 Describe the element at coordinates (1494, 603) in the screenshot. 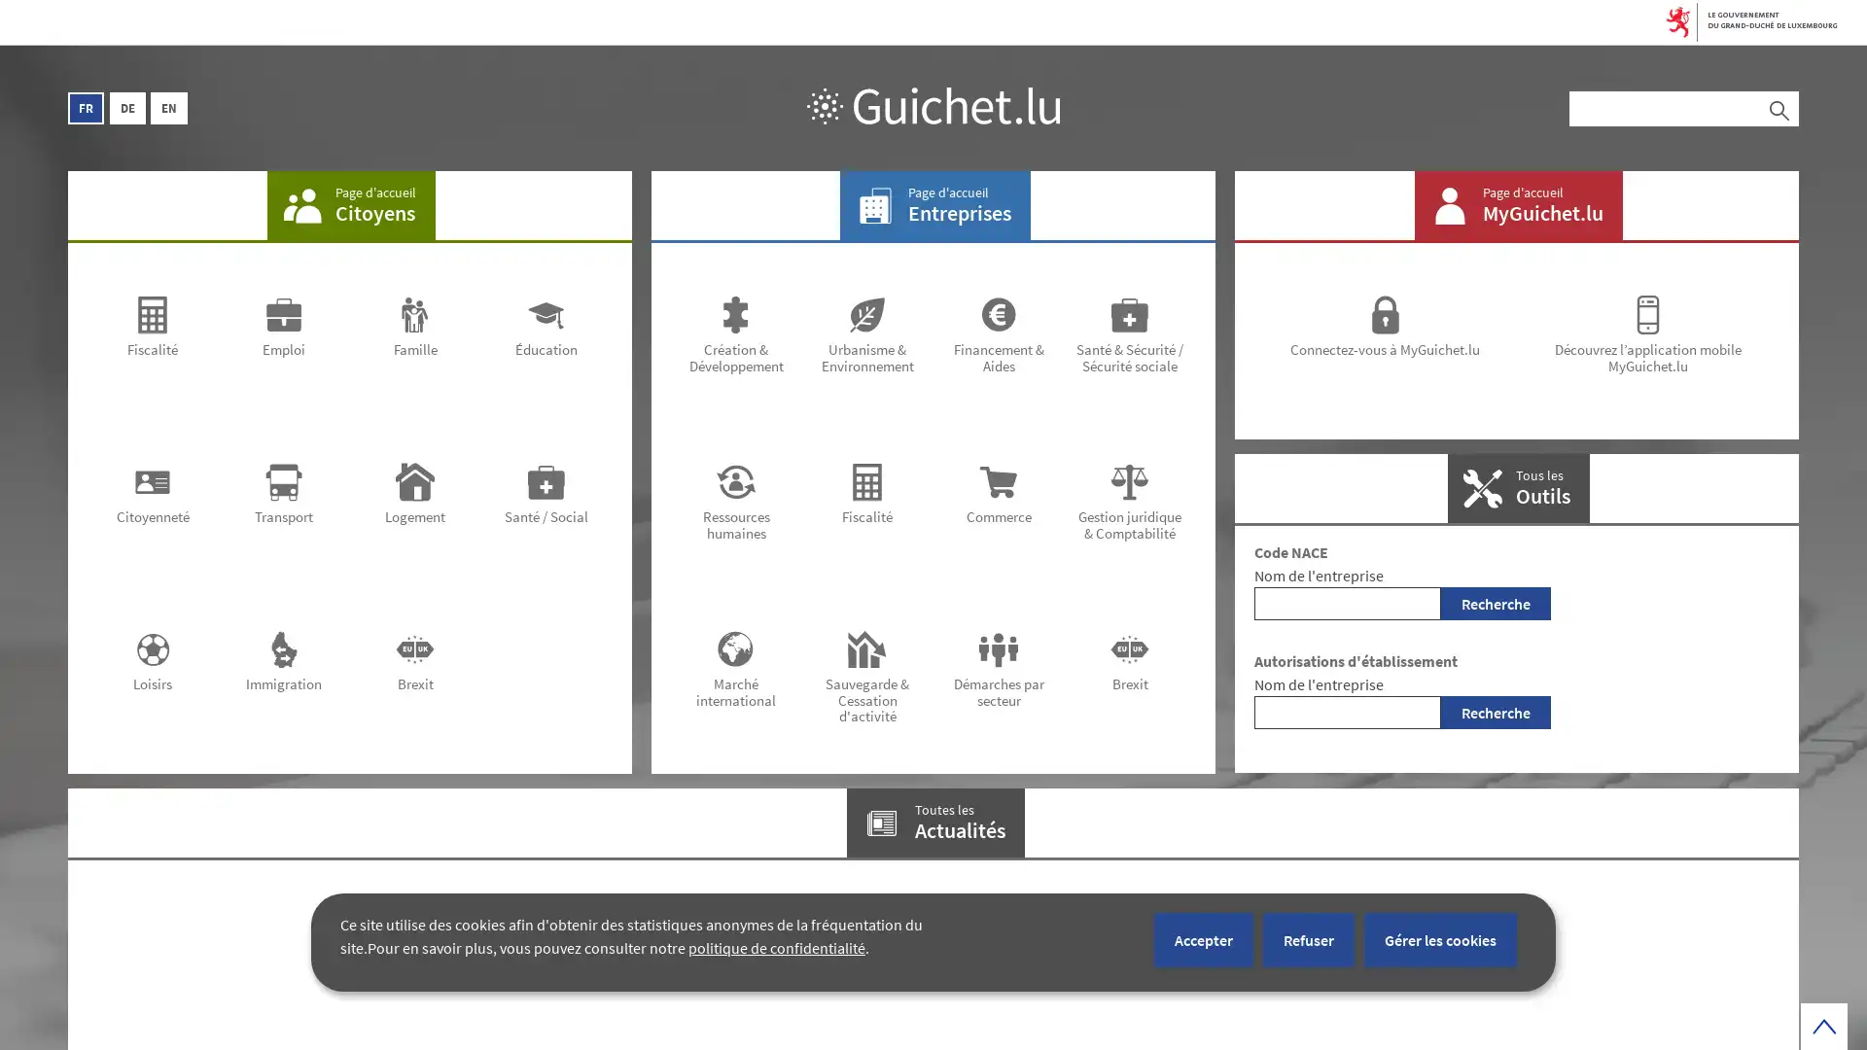

I see `Recherche` at that location.